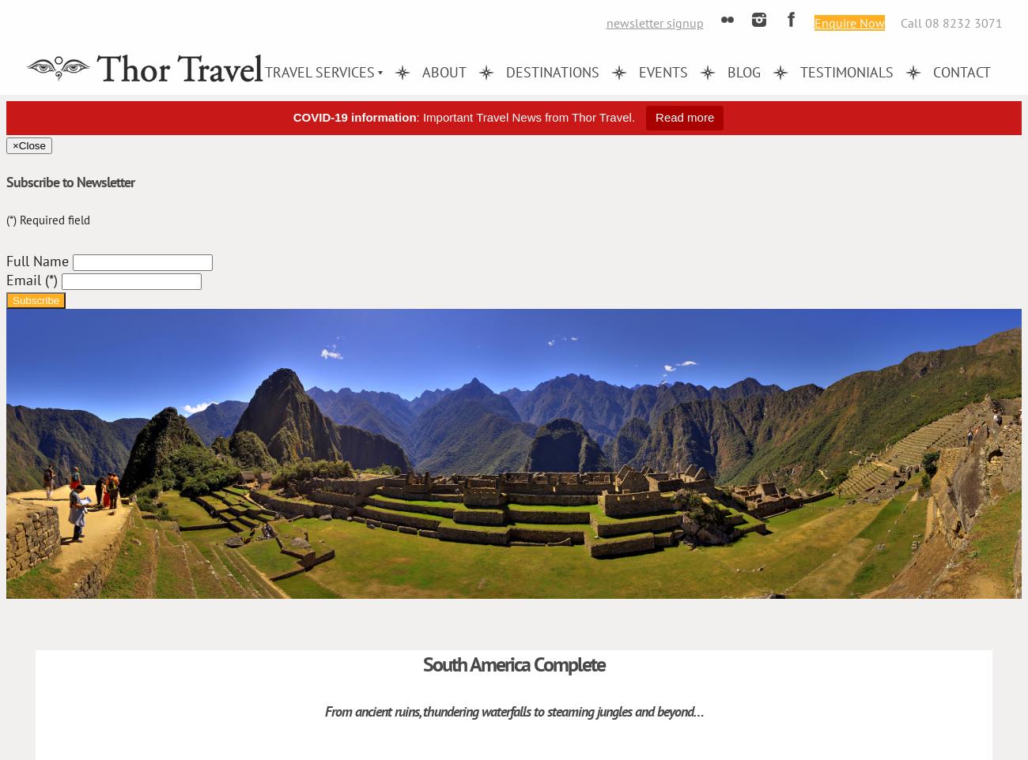  I want to click on 'COVID-19 information', so click(291, 117).